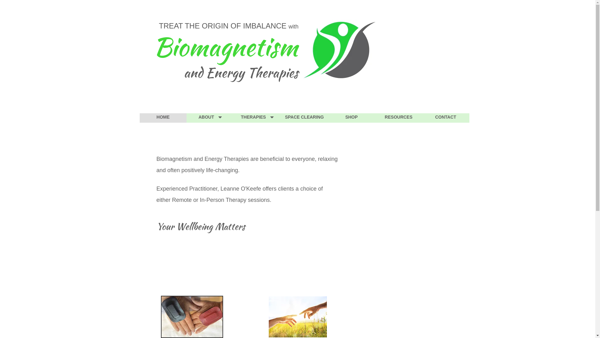 The image size is (600, 338). What do you see at coordinates (422, 118) in the screenshot?
I see `'CONTACT'` at bounding box center [422, 118].